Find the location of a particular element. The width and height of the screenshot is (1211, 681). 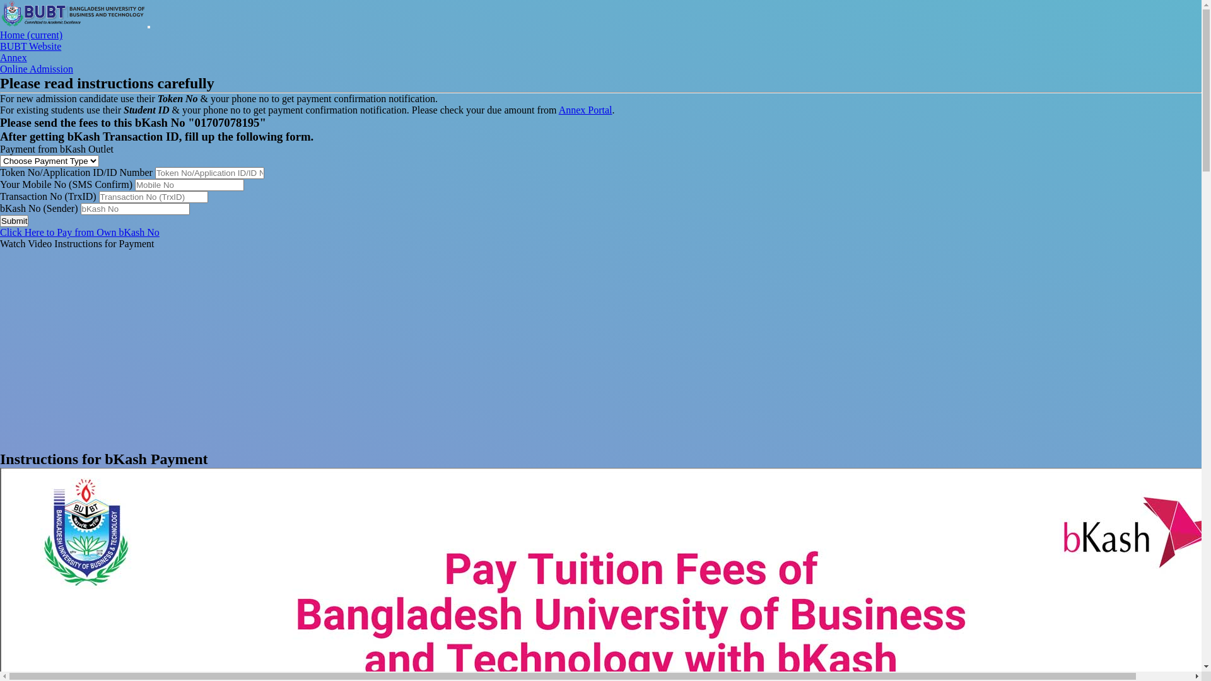

'Click Here to Pay from Own bKash No' is located at coordinates (79, 232).